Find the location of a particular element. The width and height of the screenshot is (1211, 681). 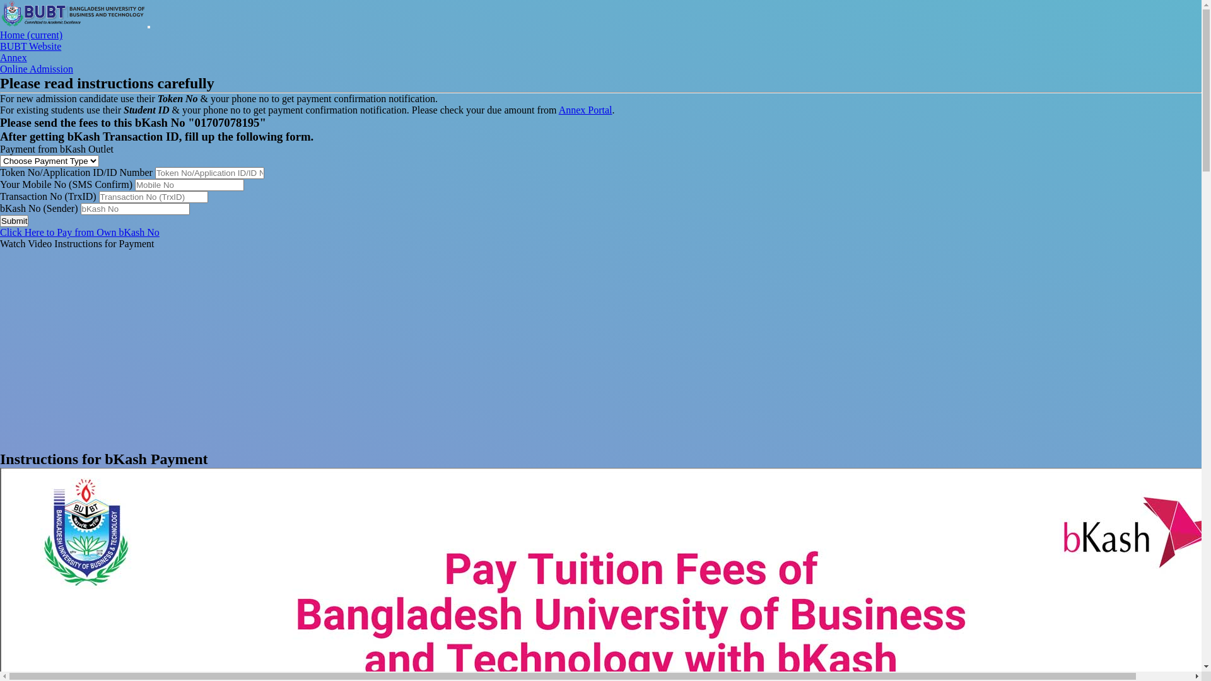

'Click Here to Pay from Own bKash No' is located at coordinates (79, 232).